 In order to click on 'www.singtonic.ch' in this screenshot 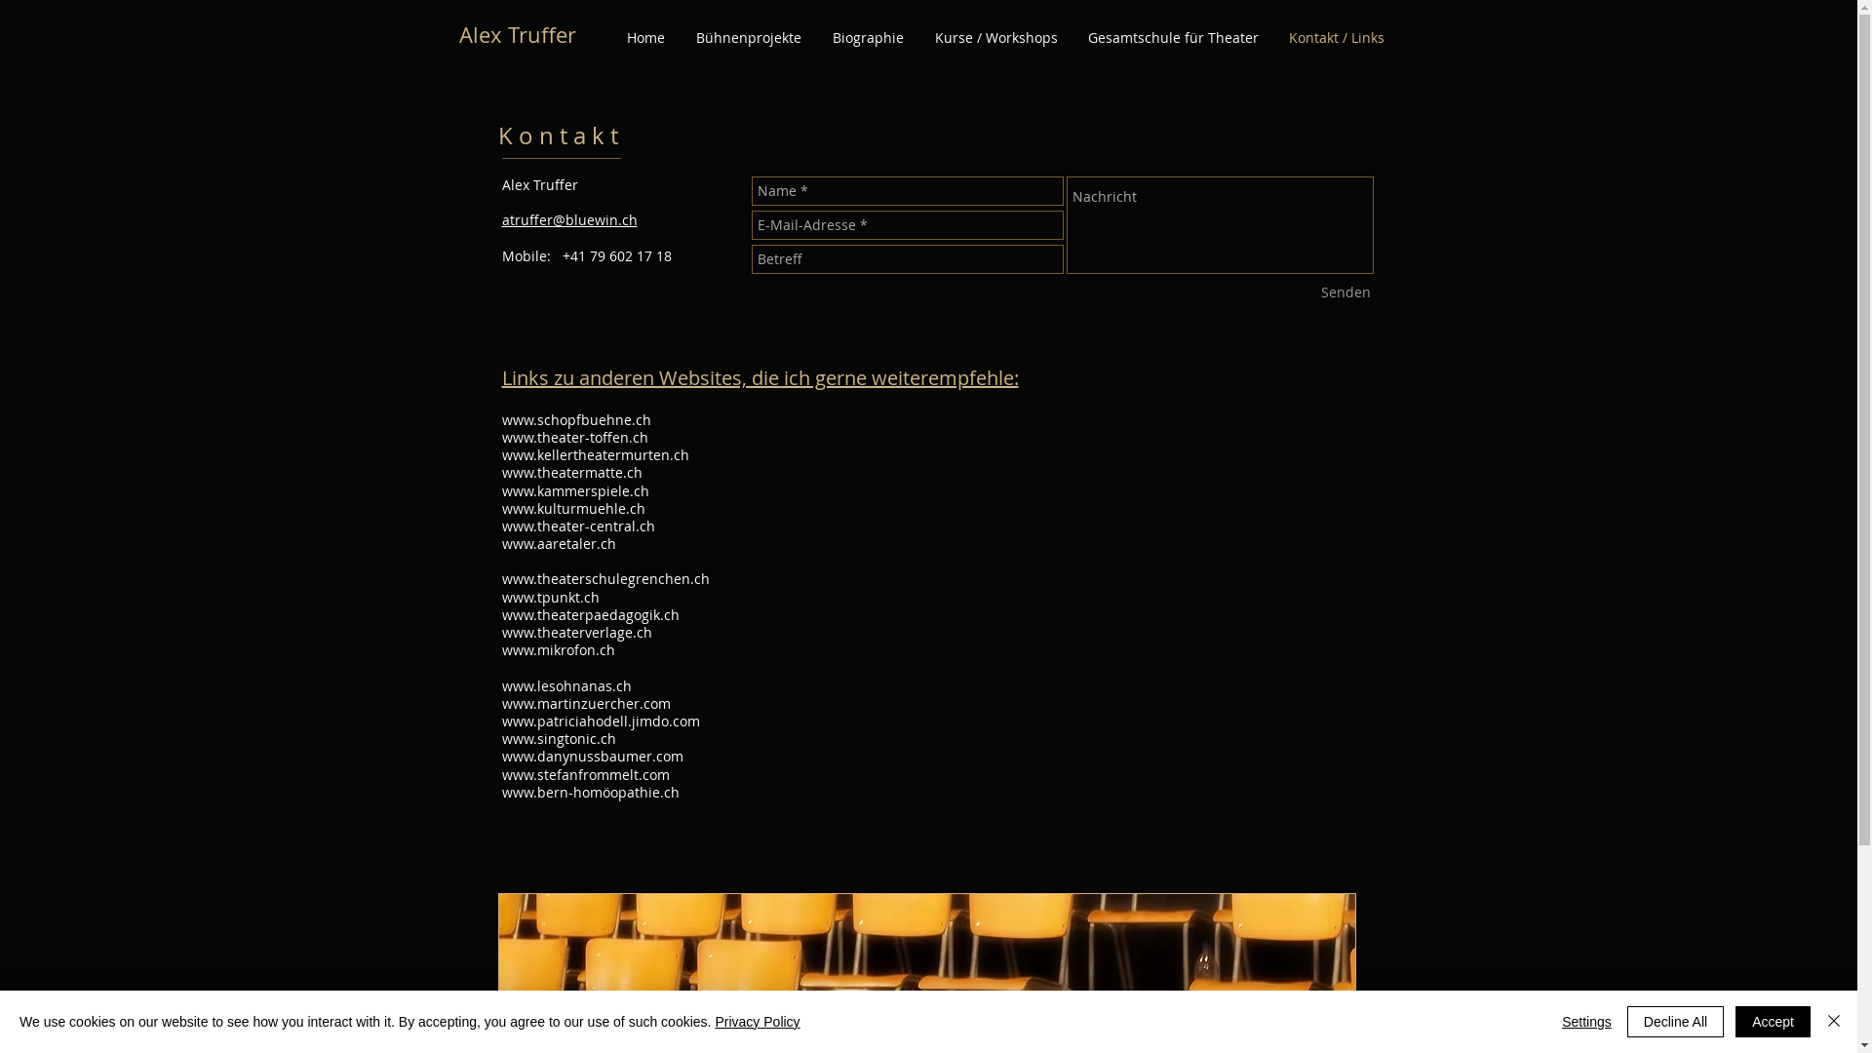, I will do `click(557, 738)`.